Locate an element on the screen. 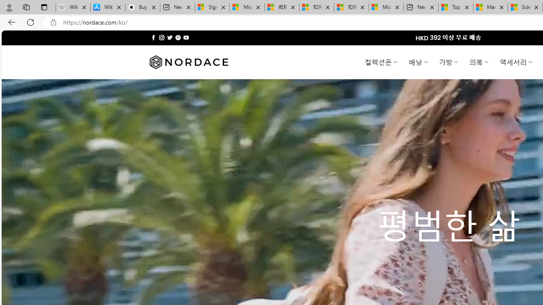 The width and height of the screenshot is (543, 305). 'Microsoft account | Account Checkup' is located at coordinates (386, 7).